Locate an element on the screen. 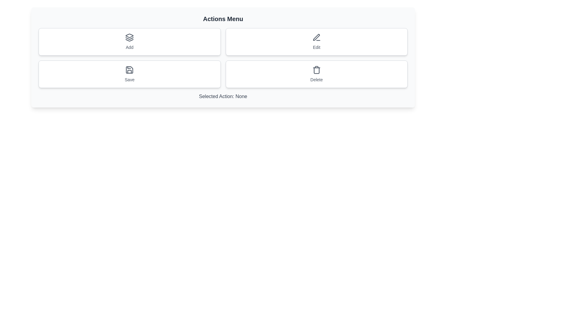  the Add button to perform the associated action is located at coordinates (129, 42).